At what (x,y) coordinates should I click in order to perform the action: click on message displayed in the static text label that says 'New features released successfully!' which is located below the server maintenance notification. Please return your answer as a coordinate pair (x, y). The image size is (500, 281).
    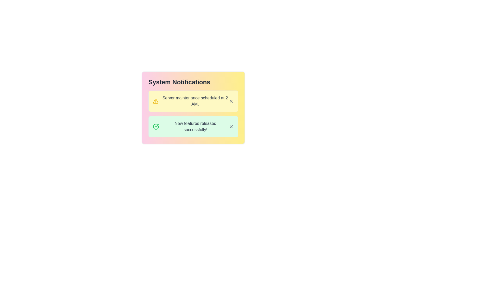
    Looking at the image, I should click on (195, 126).